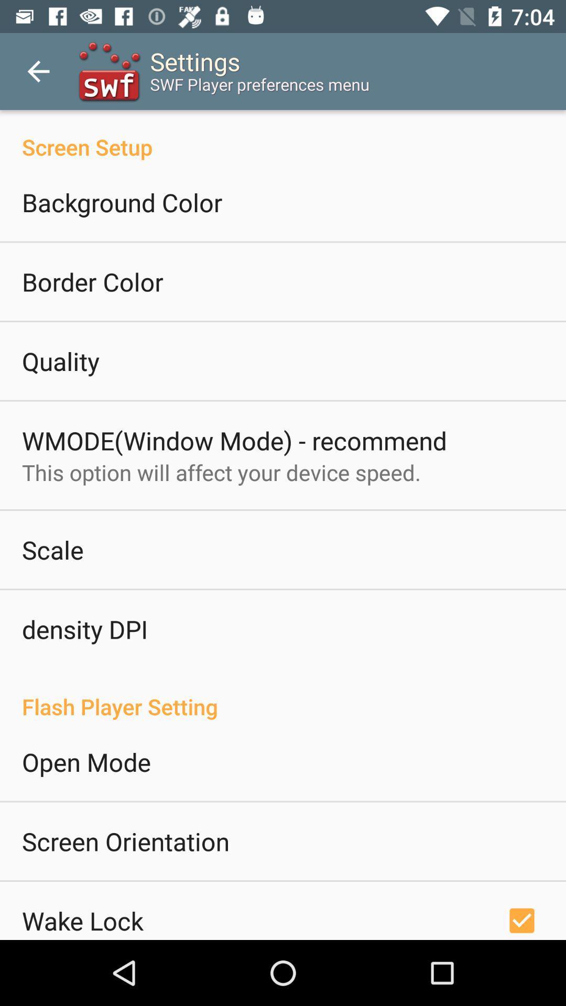  Describe the element at coordinates (234, 440) in the screenshot. I see `the wmode window mode item` at that location.